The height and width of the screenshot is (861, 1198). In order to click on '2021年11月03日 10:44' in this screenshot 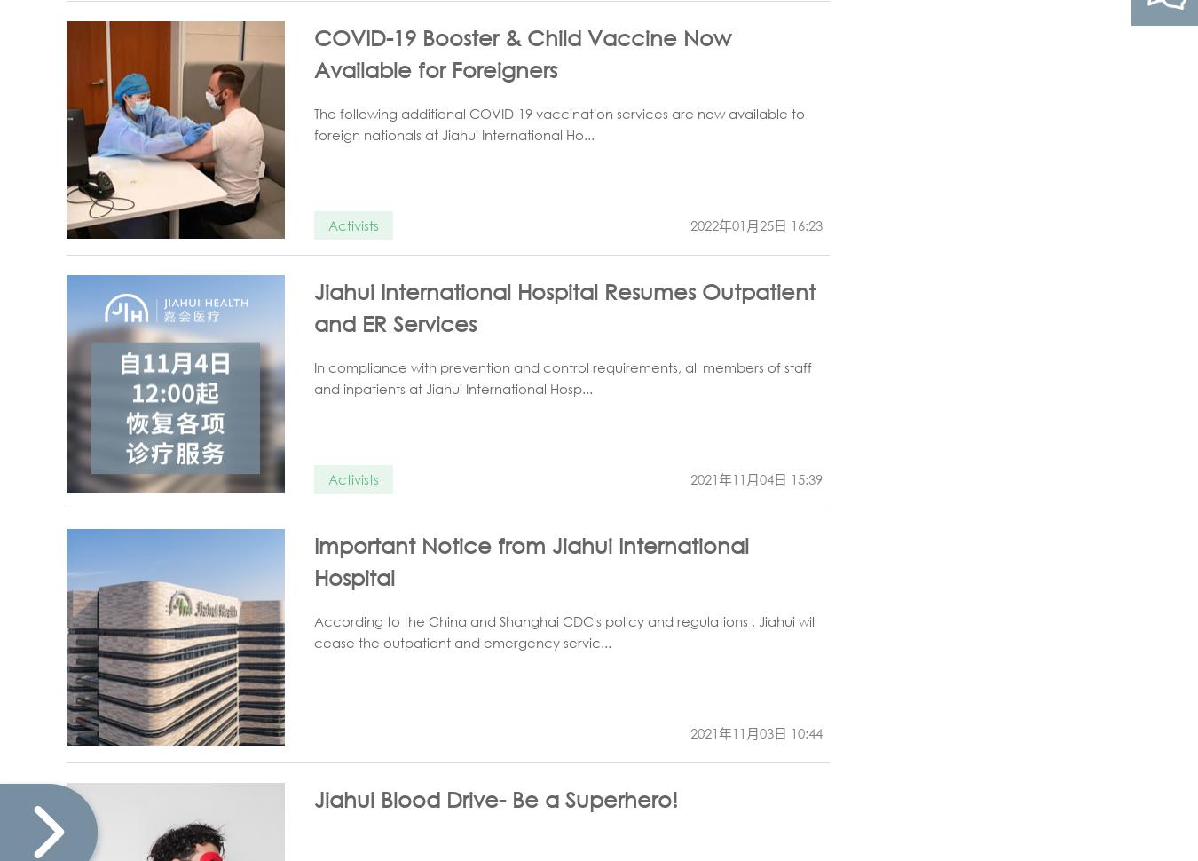, I will do `click(690, 731)`.